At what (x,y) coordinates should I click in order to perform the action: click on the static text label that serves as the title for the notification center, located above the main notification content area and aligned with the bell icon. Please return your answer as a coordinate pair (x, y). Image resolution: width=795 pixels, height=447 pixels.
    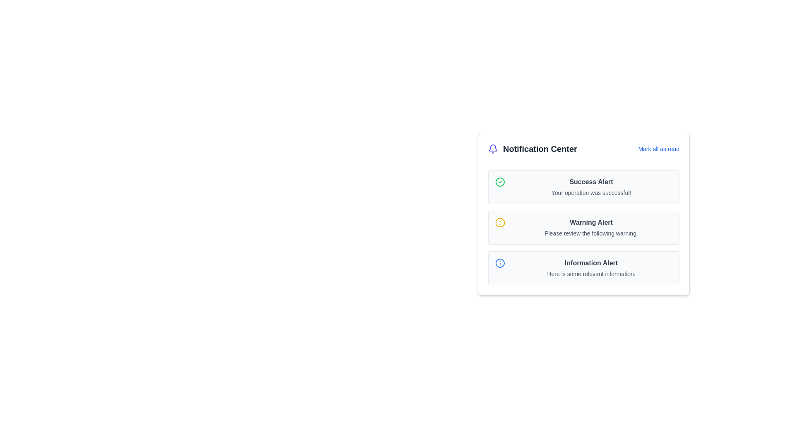
    Looking at the image, I should click on (540, 148).